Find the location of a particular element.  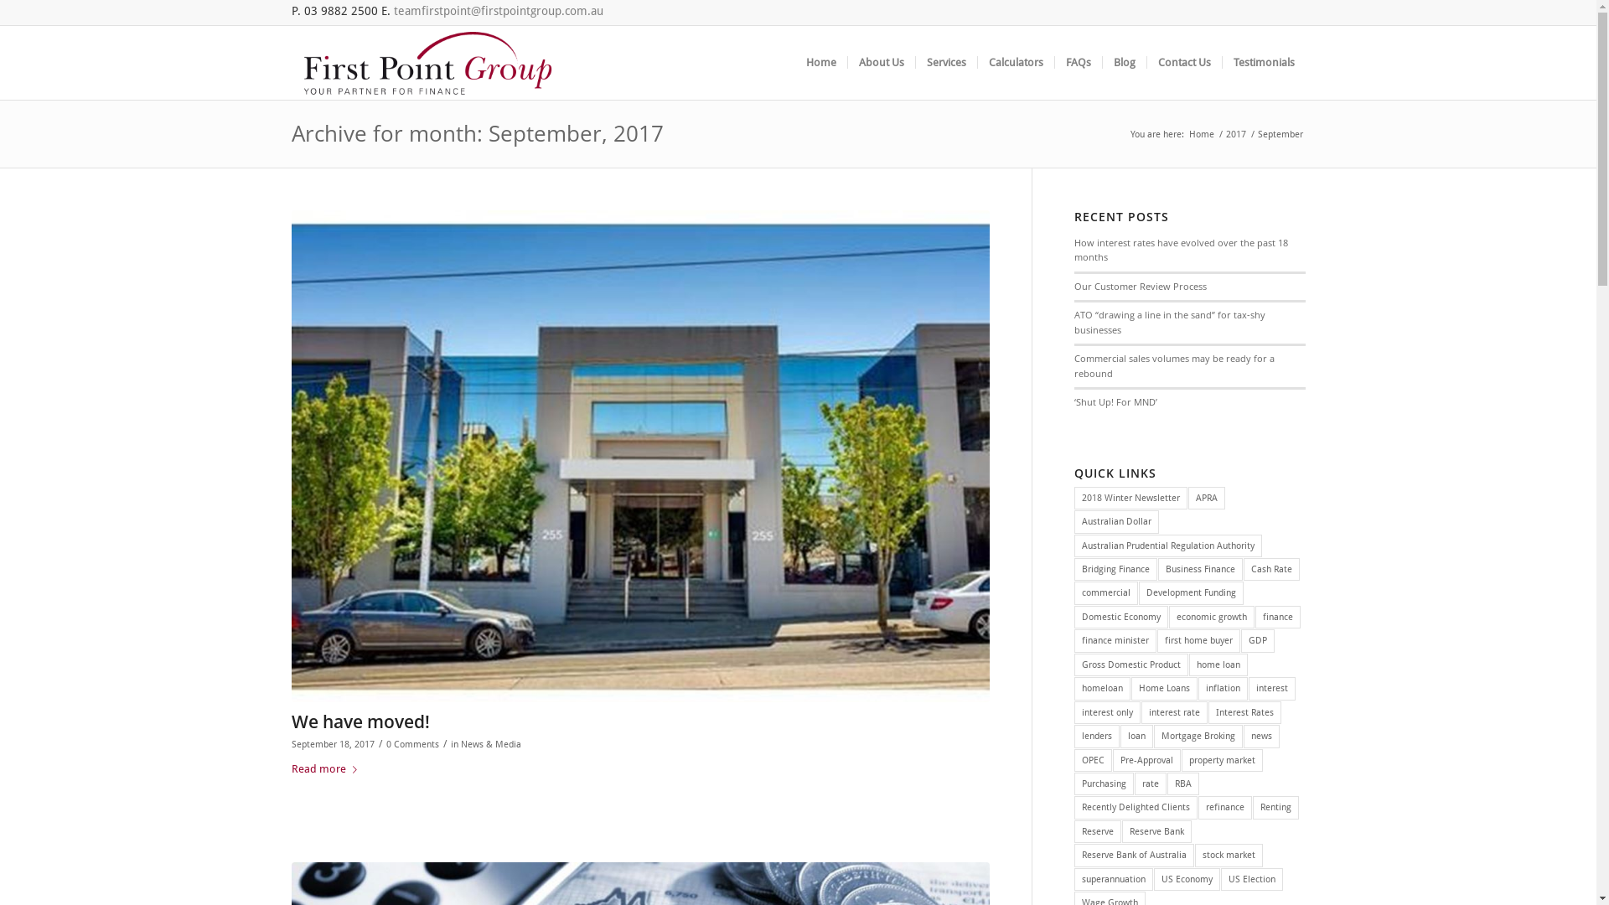

'Australian Dollar' is located at coordinates (1116, 520).